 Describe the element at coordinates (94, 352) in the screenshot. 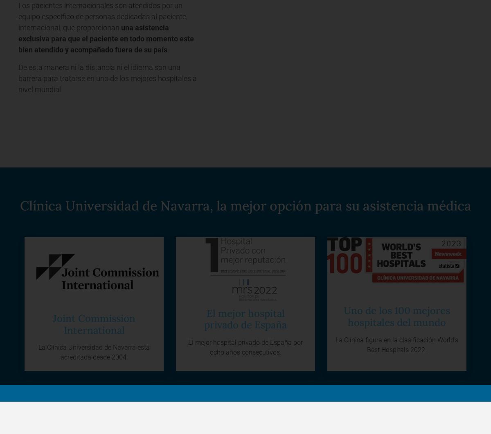

I see `'La Clínica Universidad de Navarra está acreditada desde 2004.'` at that location.